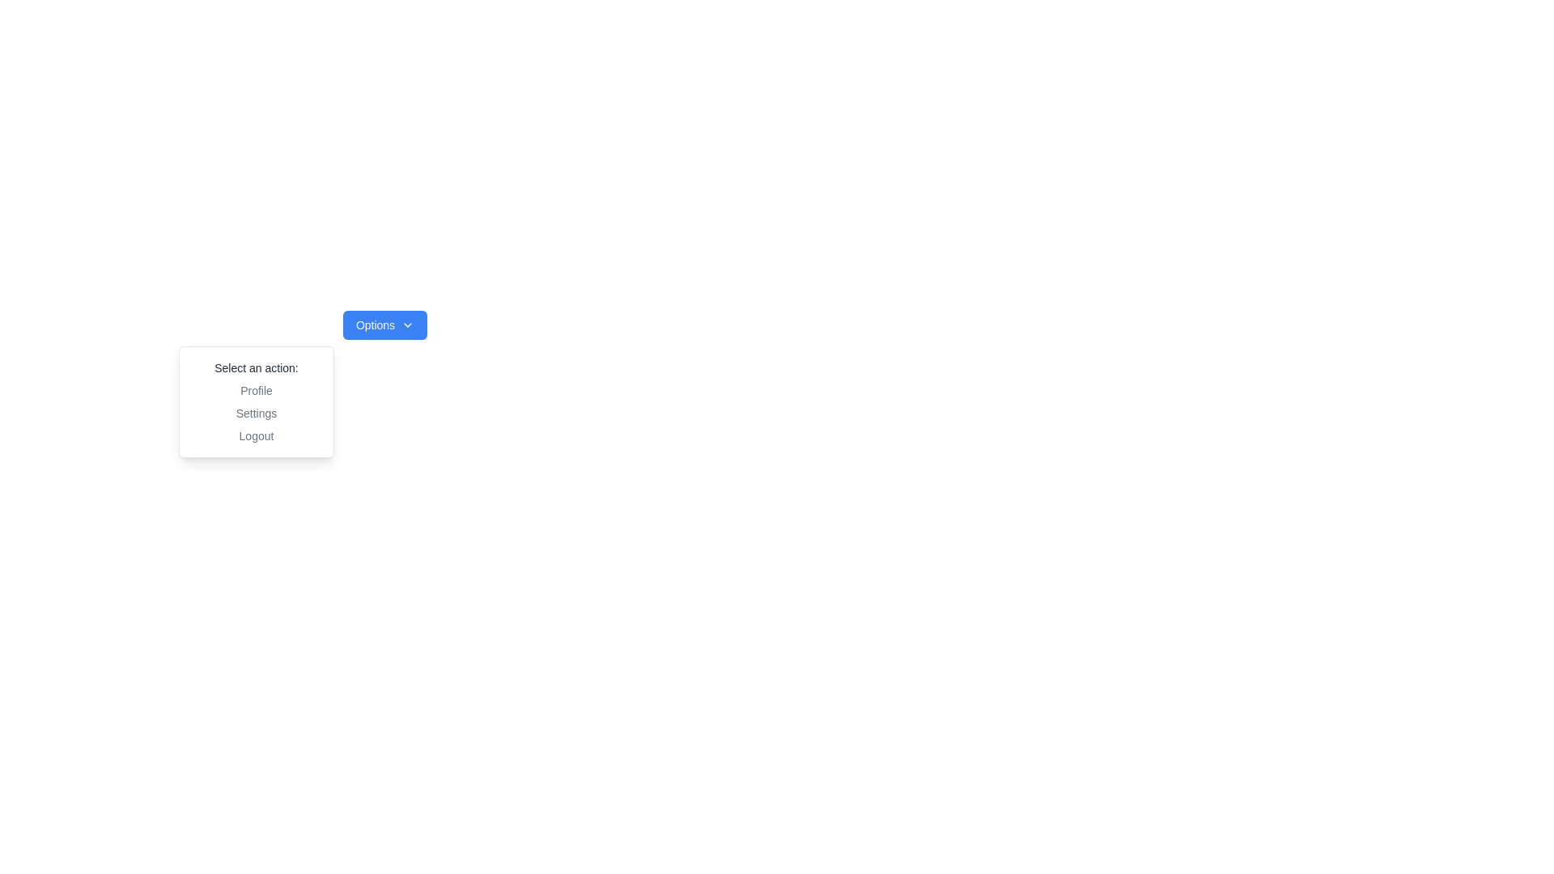  What do you see at coordinates (255, 390) in the screenshot?
I see `the clickable text item in the dropdown menu to change its color to blue` at bounding box center [255, 390].